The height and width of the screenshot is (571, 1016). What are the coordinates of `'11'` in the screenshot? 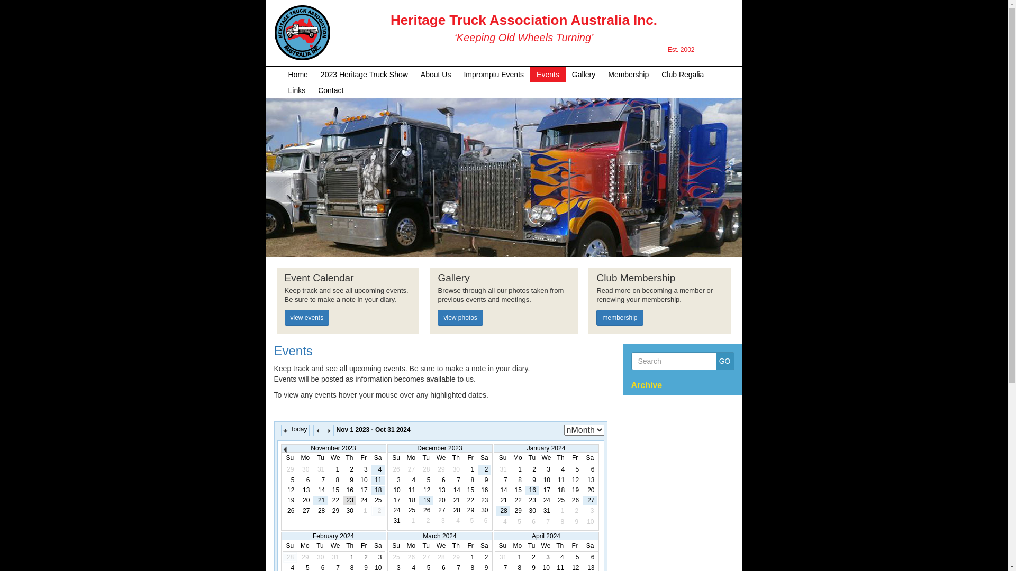 It's located at (404, 490).